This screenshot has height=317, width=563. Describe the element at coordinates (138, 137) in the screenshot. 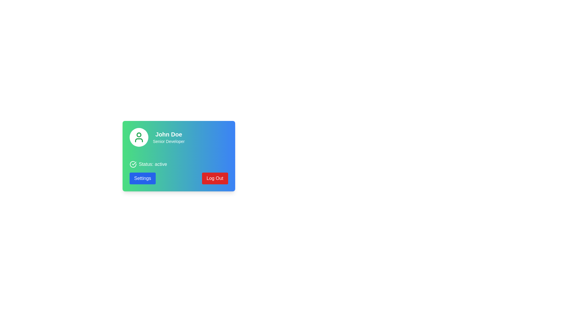

I see `the user profile avatar icon located at the top-left corner of the card, next to the text 'John Doe' and 'Senior Developer'` at that location.